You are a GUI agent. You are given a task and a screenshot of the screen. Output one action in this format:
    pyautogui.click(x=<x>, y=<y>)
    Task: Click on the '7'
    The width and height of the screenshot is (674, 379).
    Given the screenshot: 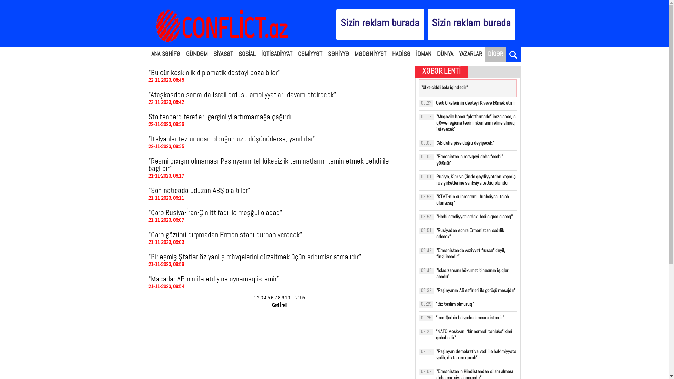 What is the action you would take?
    pyautogui.click(x=275, y=298)
    